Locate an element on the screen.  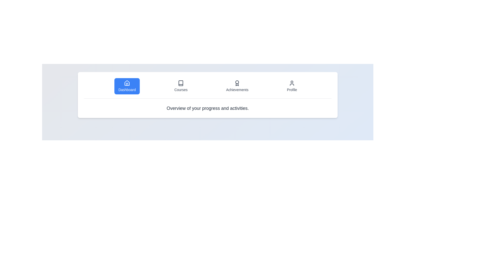
the navigational button for the 'Courses' section, which is the second item in a horizontal menu located between Dashboard and Achievements is located at coordinates (181, 86).